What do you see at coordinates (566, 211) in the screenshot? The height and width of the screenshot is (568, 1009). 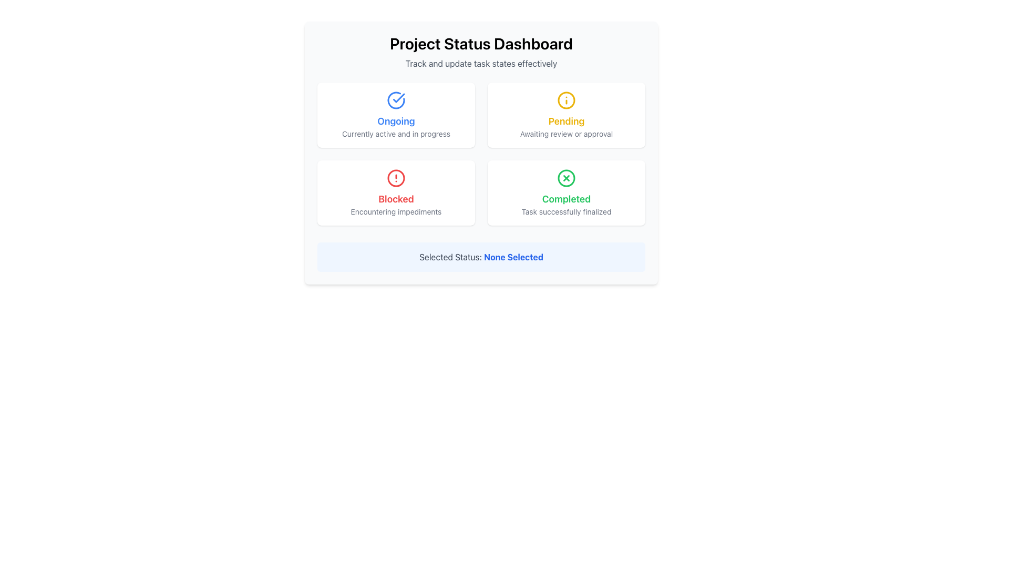 I see `text from the Text Label displaying 'Task successfully finalized', which is located in the bottom portion of the 'Completed' card in the UI` at bounding box center [566, 211].